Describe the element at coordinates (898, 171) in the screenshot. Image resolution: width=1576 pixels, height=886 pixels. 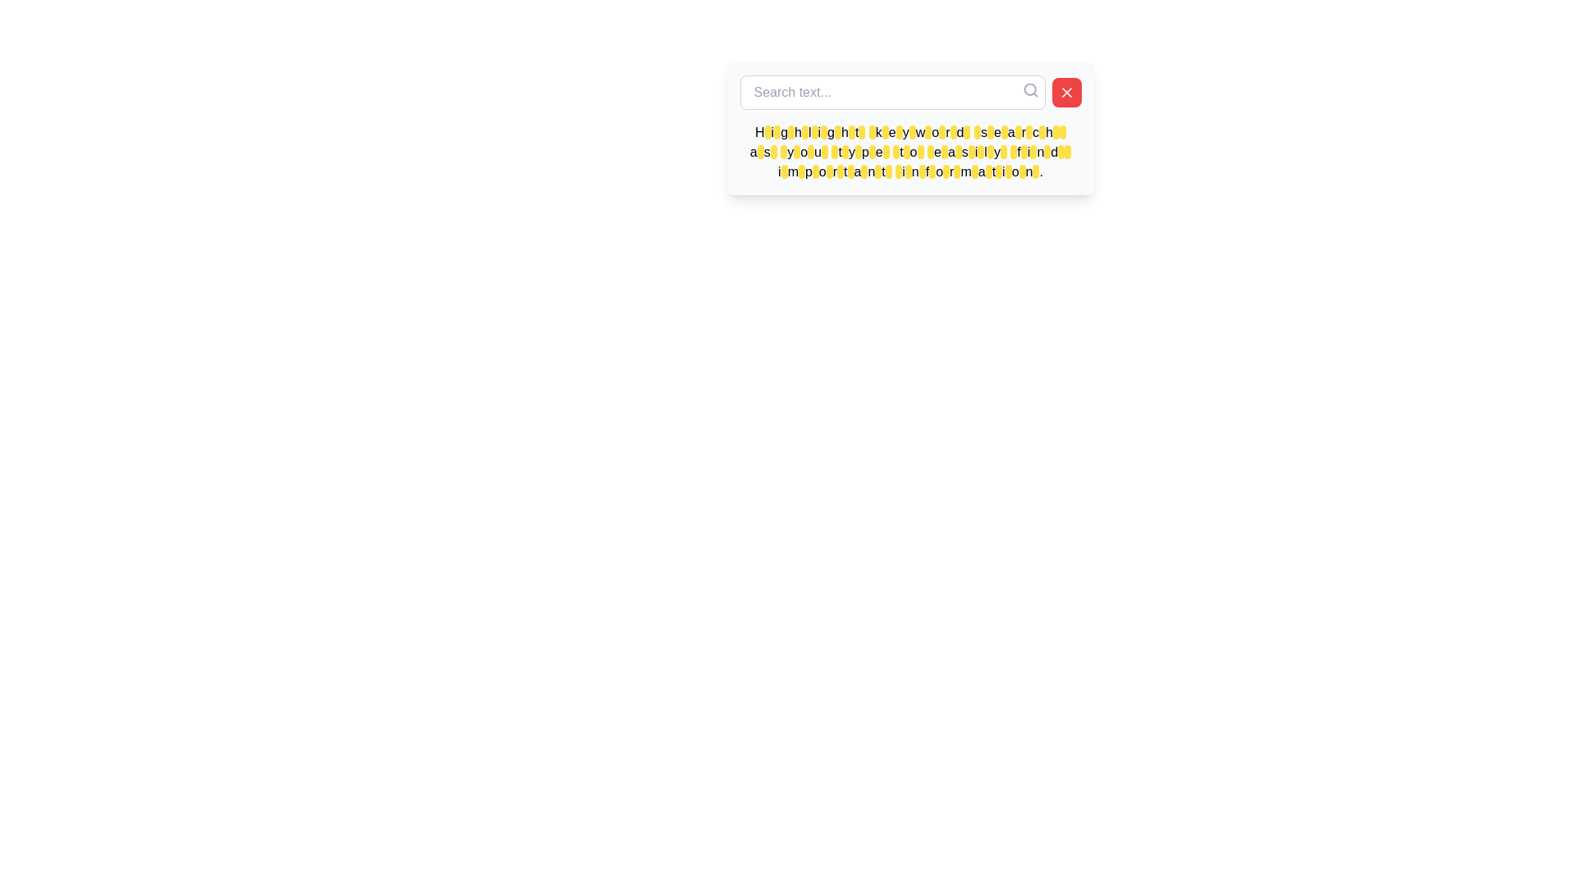
I see `the eleventh yellow-highlighted block in the bottom row of highlighted words within the text` at that location.